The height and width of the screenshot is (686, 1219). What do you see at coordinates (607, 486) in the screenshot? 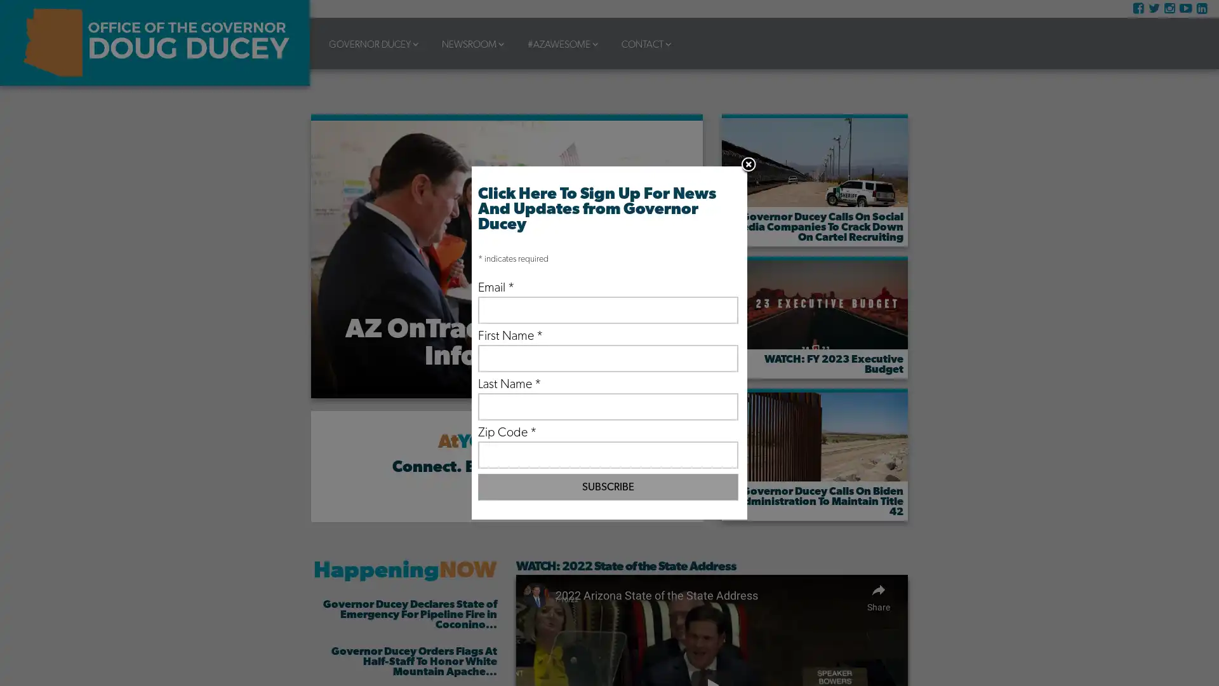
I see `Subscribe` at bounding box center [607, 486].